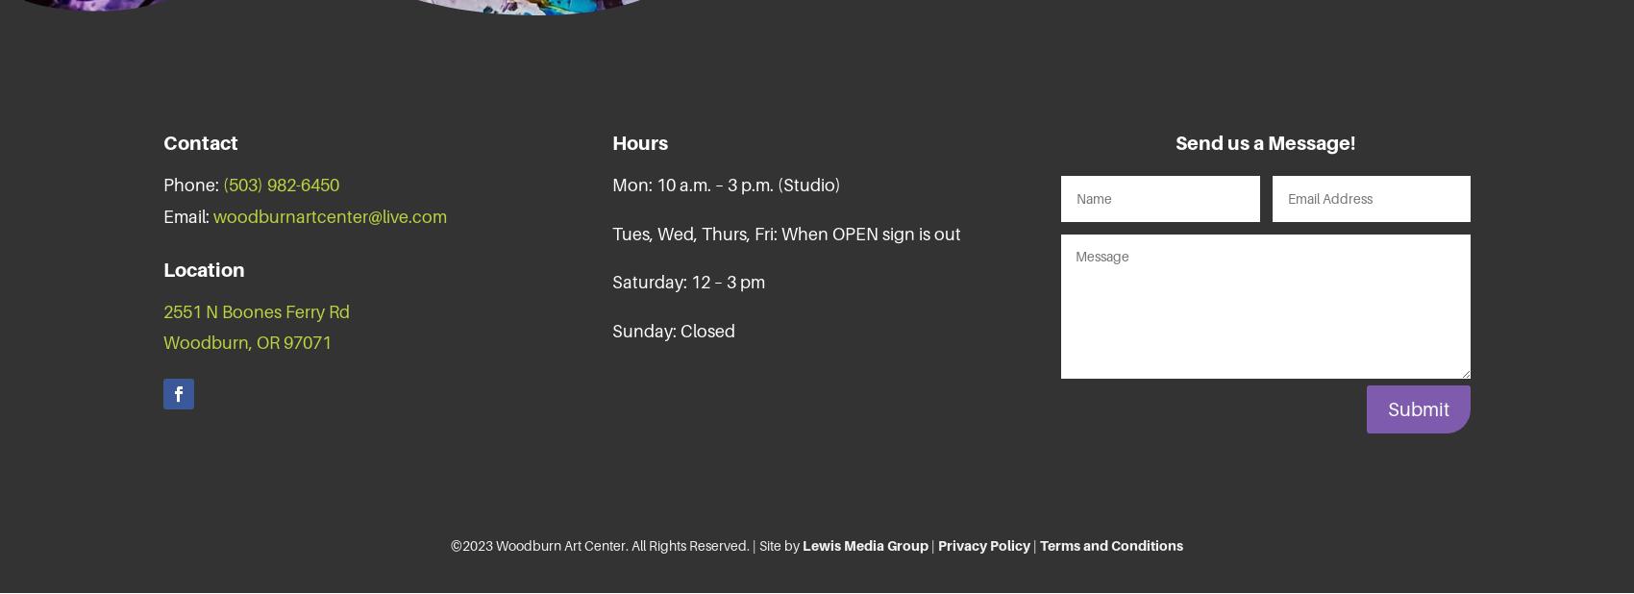 The height and width of the screenshot is (594, 1634). What do you see at coordinates (329, 215) in the screenshot?
I see `'woodburnartcenter@live.com'` at bounding box center [329, 215].